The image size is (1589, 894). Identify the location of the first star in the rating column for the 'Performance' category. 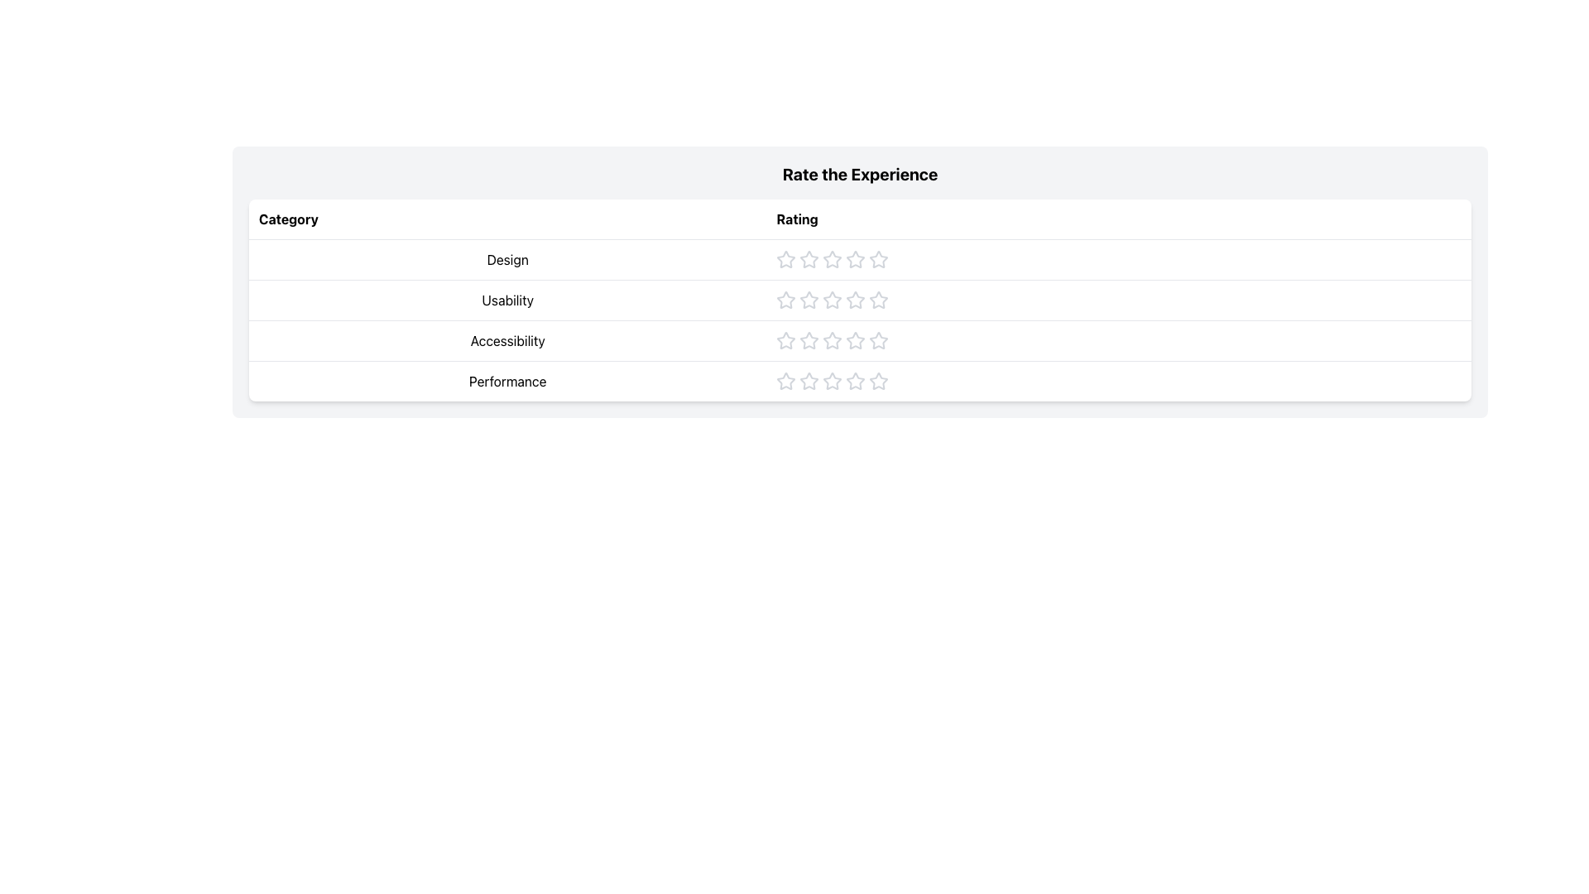
(785, 381).